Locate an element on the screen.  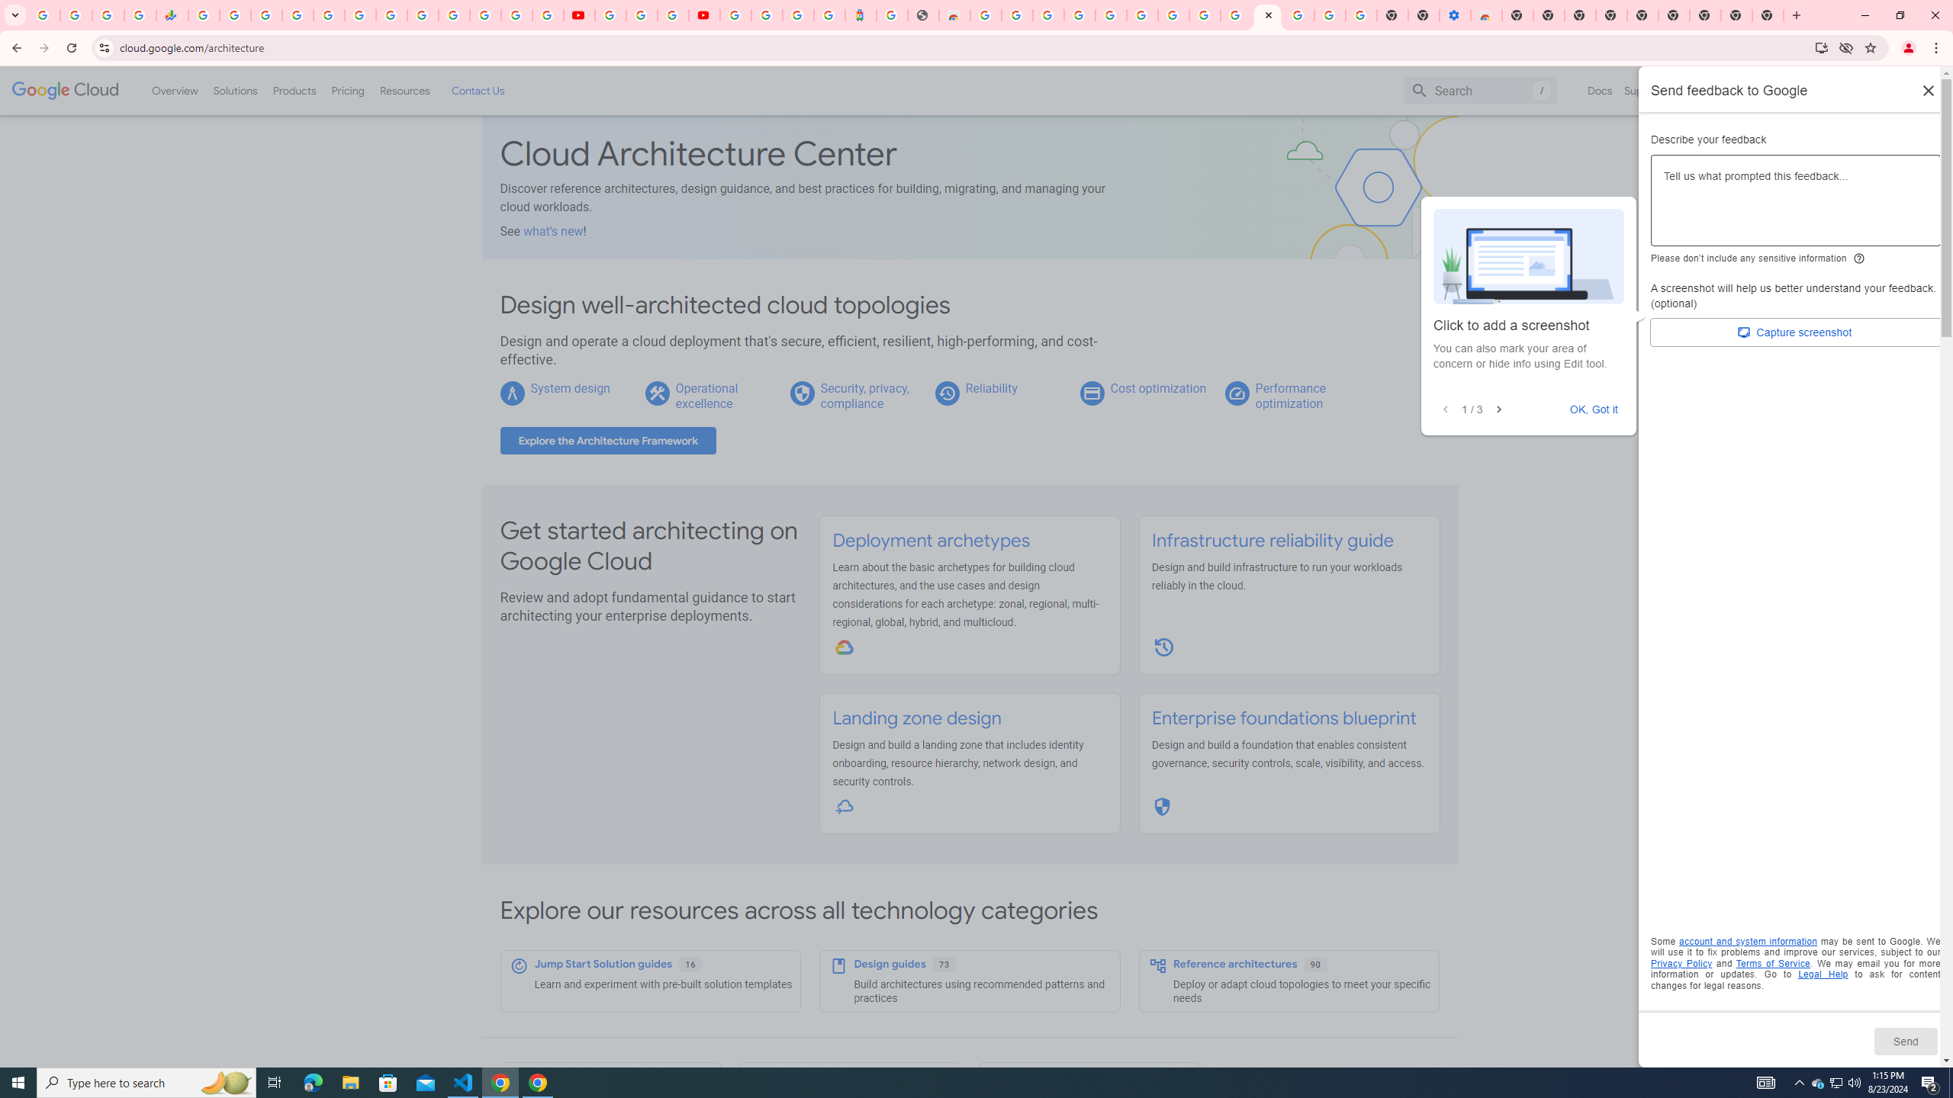
'Opens in a new tab. Legal Help' is located at coordinates (1822, 974).